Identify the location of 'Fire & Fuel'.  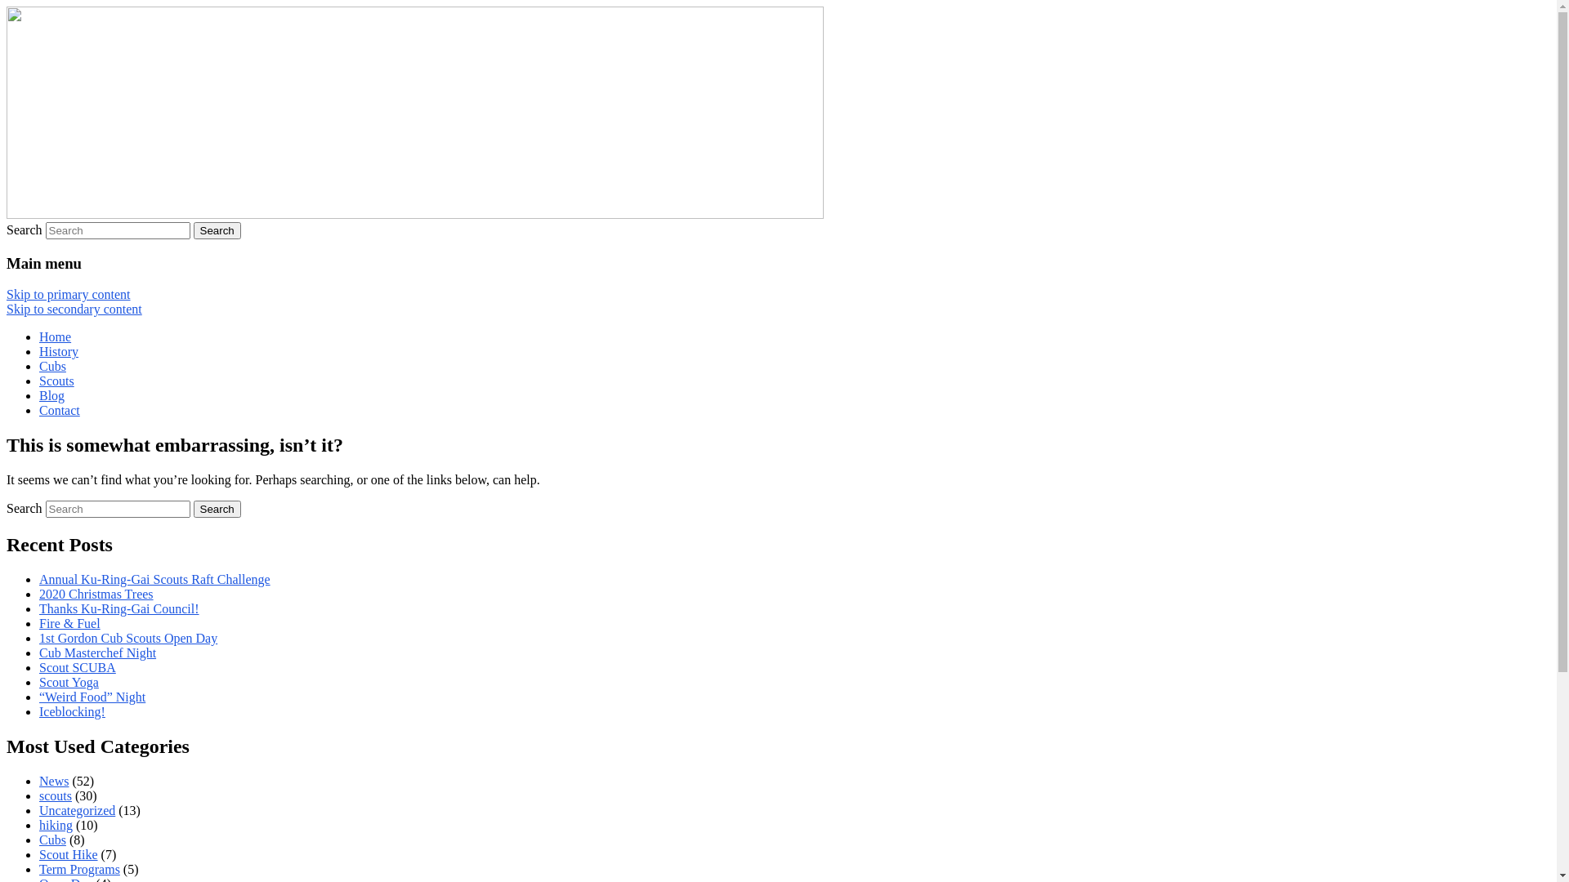
(69, 623).